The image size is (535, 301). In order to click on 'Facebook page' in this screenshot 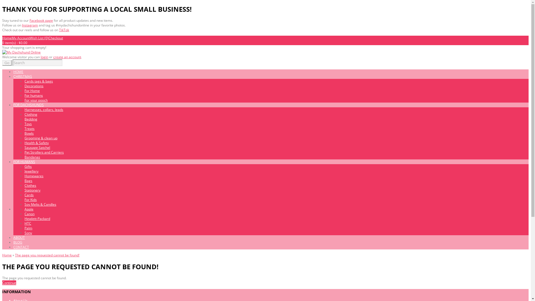, I will do `click(41, 20)`.